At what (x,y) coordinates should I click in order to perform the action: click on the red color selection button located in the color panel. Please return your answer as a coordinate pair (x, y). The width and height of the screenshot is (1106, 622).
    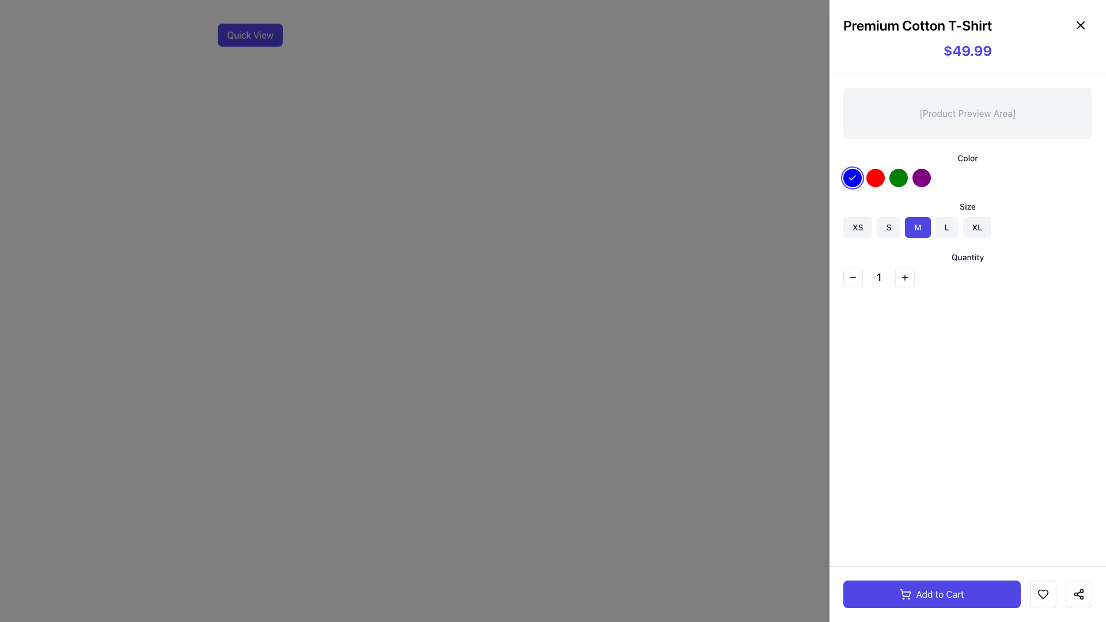
    Looking at the image, I should click on (876, 177).